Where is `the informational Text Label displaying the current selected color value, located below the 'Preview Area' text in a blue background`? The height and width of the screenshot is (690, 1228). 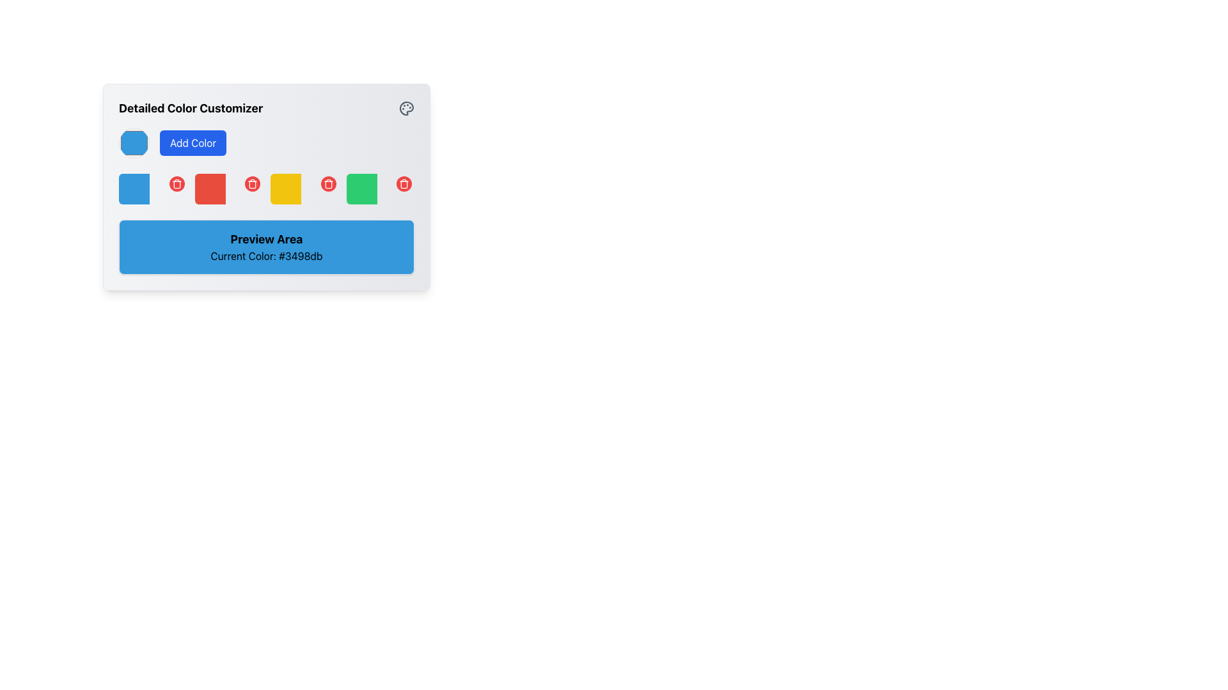
the informational Text Label displaying the current selected color value, located below the 'Preview Area' text in a blue background is located at coordinates (266, 256).